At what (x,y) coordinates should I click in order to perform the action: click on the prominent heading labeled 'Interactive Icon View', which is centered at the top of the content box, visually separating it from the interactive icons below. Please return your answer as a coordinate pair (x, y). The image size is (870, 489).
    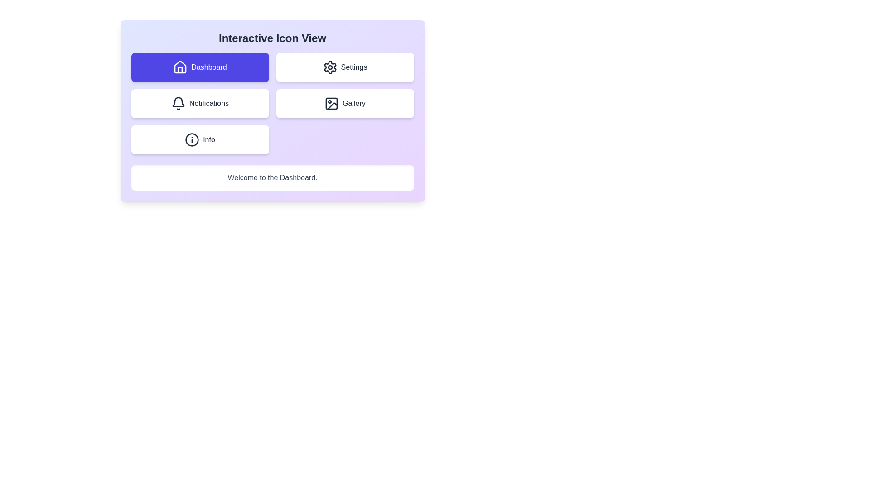
    Looking at the image, I should click on (272, 38).